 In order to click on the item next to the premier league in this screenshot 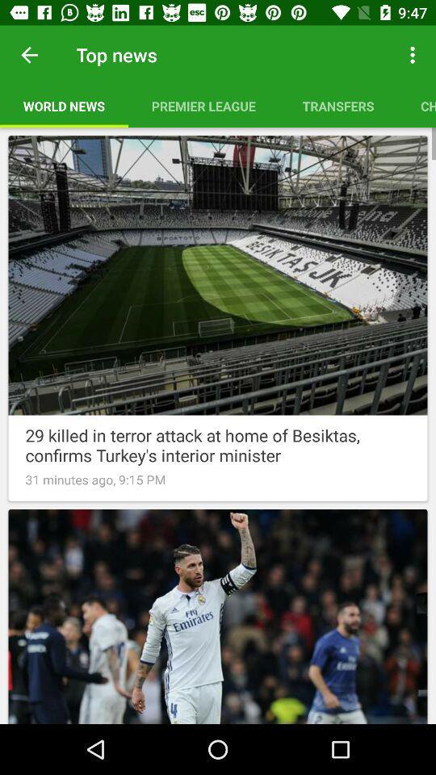, I will do `click(414, 55)`.